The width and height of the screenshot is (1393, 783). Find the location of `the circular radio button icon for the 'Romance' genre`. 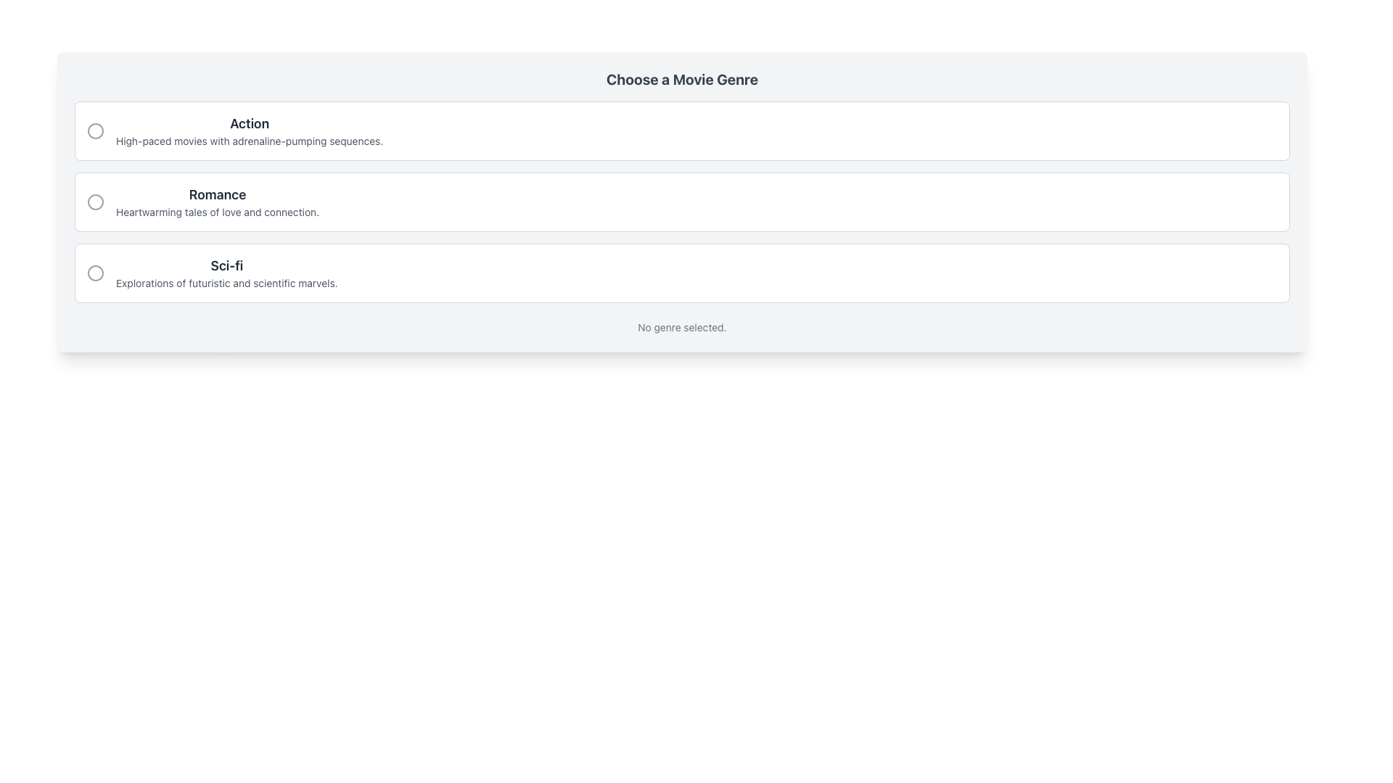

the circular radio button icon for the 'Romance' genre is located at coordinates (95, 202).